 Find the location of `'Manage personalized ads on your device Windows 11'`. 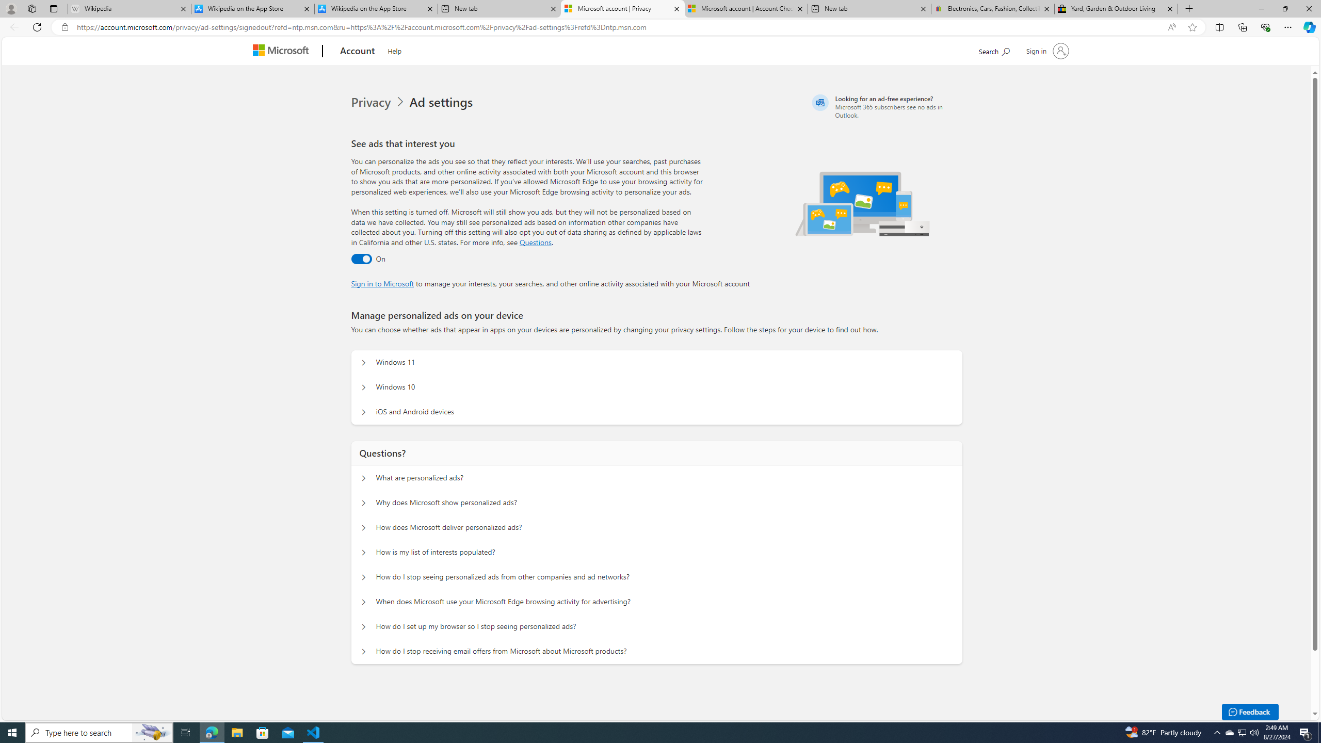

'Manage personalized ads on your device Windows 11' is located at coordinates (364, 362).